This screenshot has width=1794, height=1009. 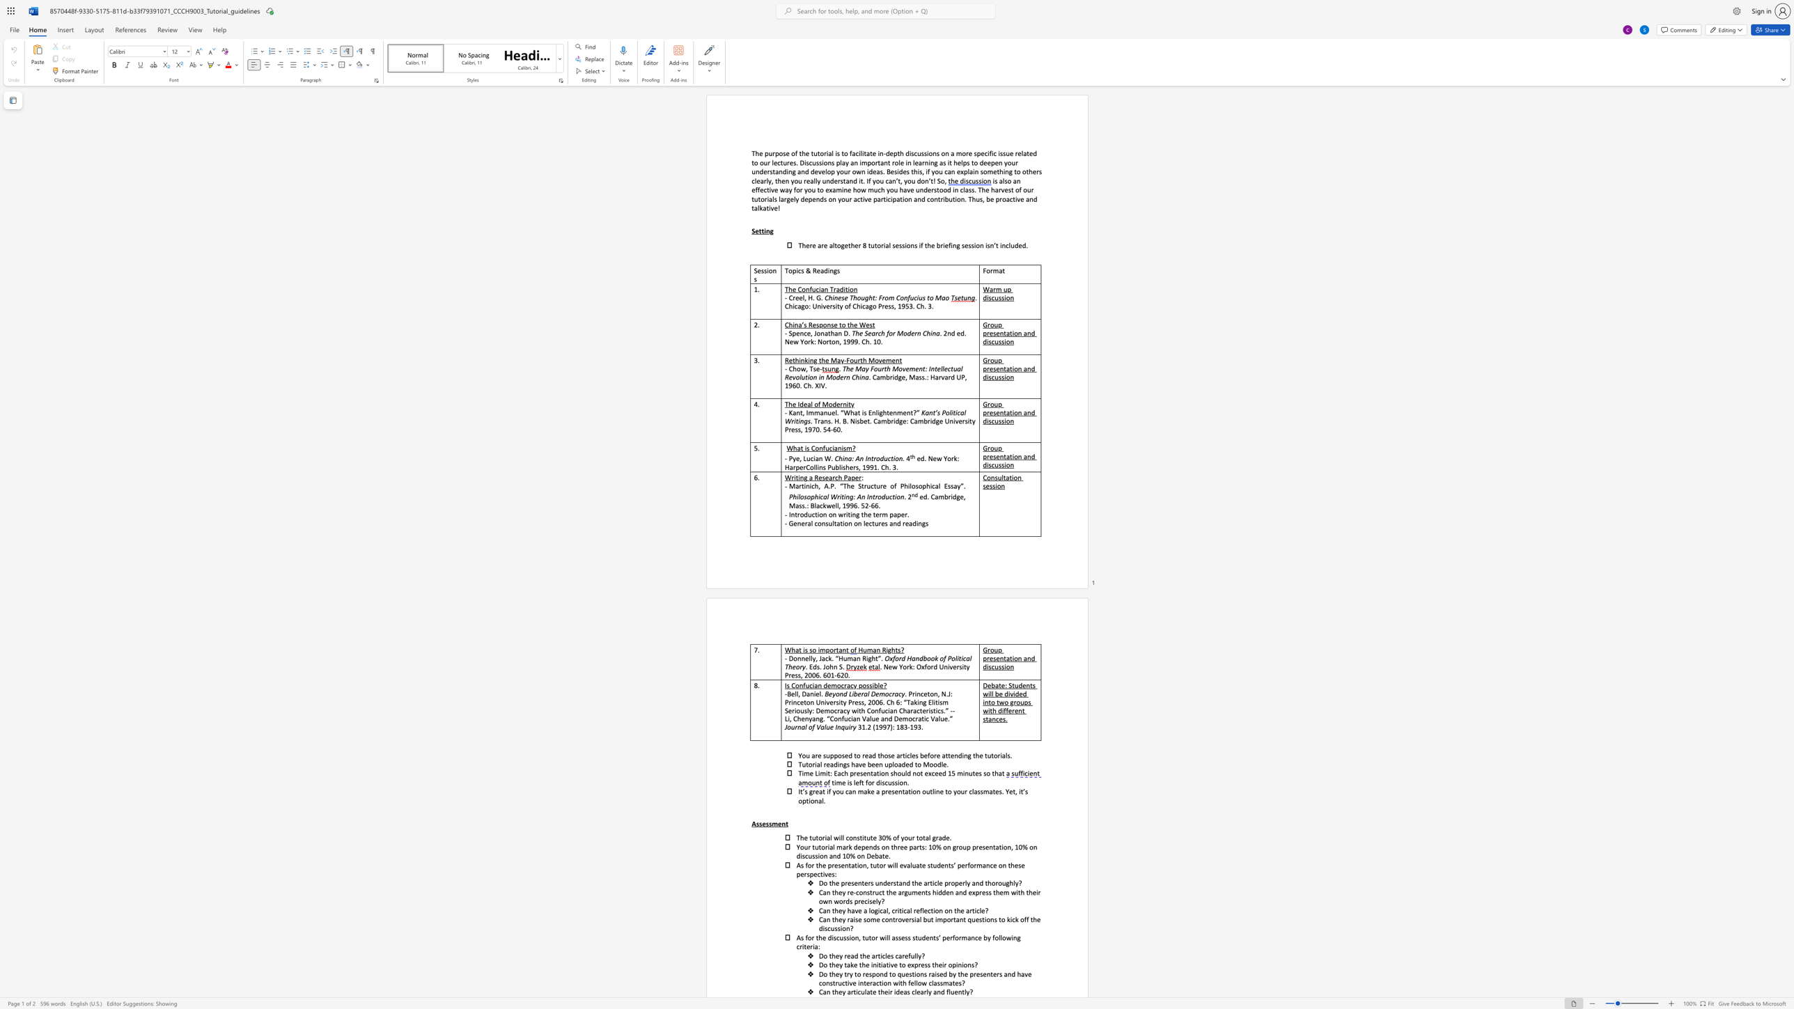 What do you see at coordinates (811, 666) in the screenshot?
I see `the subset text "ds. Joh" within the text ". Eds. John S."` at bounding box center [811, 666].